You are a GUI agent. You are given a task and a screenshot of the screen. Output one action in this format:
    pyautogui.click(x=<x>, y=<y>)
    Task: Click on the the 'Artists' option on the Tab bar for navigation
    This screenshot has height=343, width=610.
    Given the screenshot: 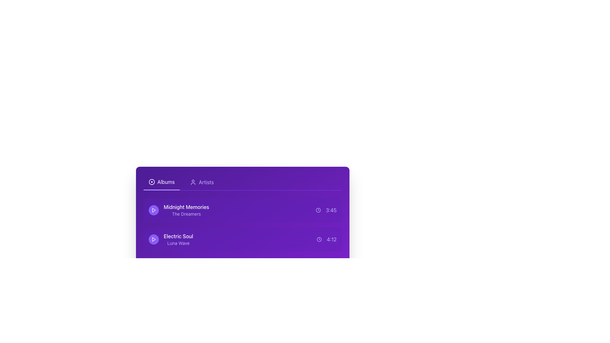 What is the action you would take?
    pyautogui.click(x=242, y=182)
    